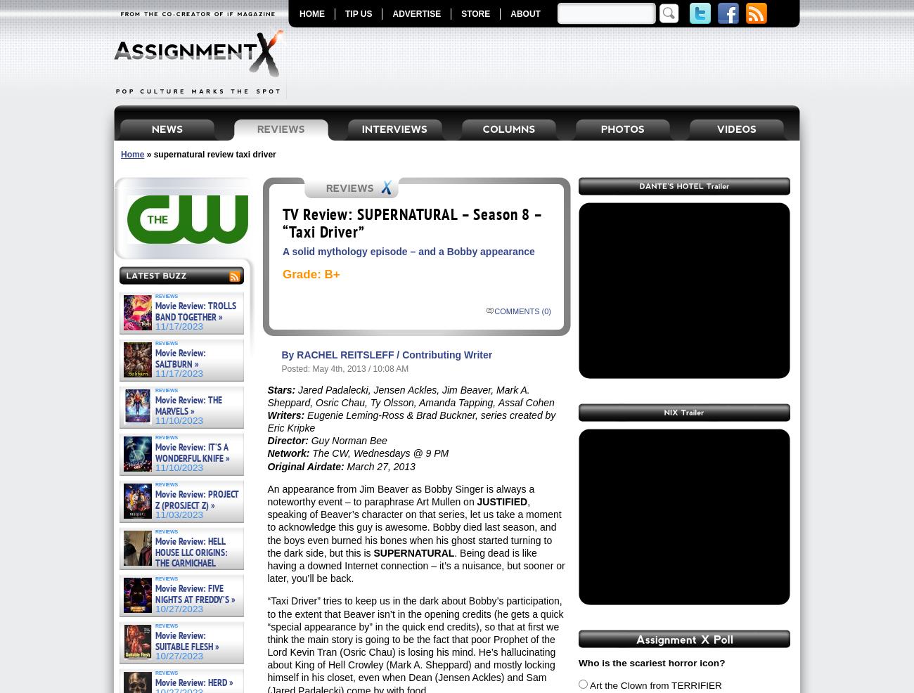 This screenshot has height=693, width=914. I want to click on 'Home', so click(120, 153).